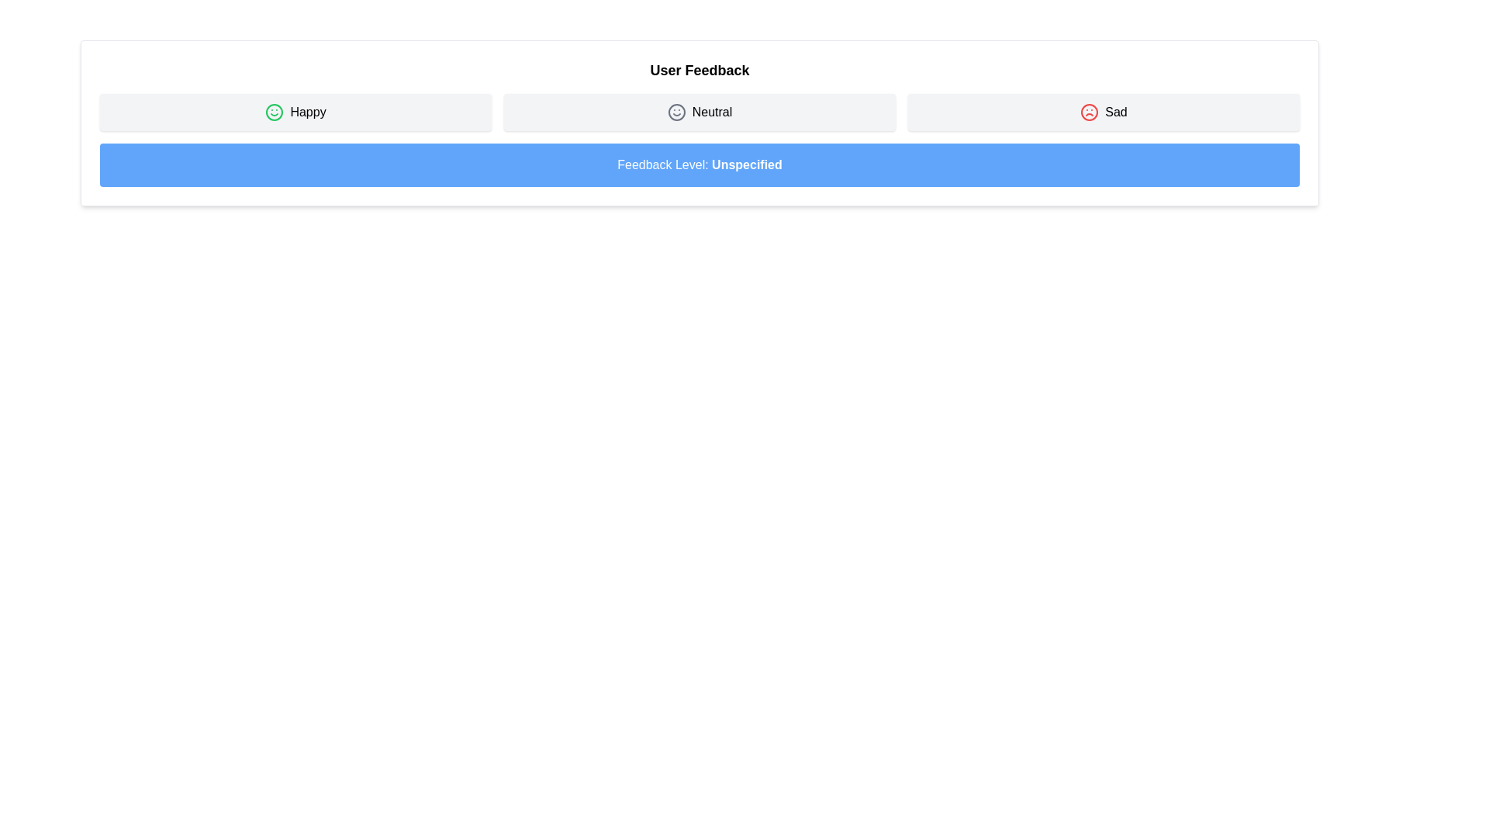 This screenshot has height=838, width=1489. Describe the element at coordinates (699, 71) in the screenshot. I see `text label 'User Feedback' which is bold, prominently sized, and centrally aligned at the top of the section above the emotion-related buttons` at that location.